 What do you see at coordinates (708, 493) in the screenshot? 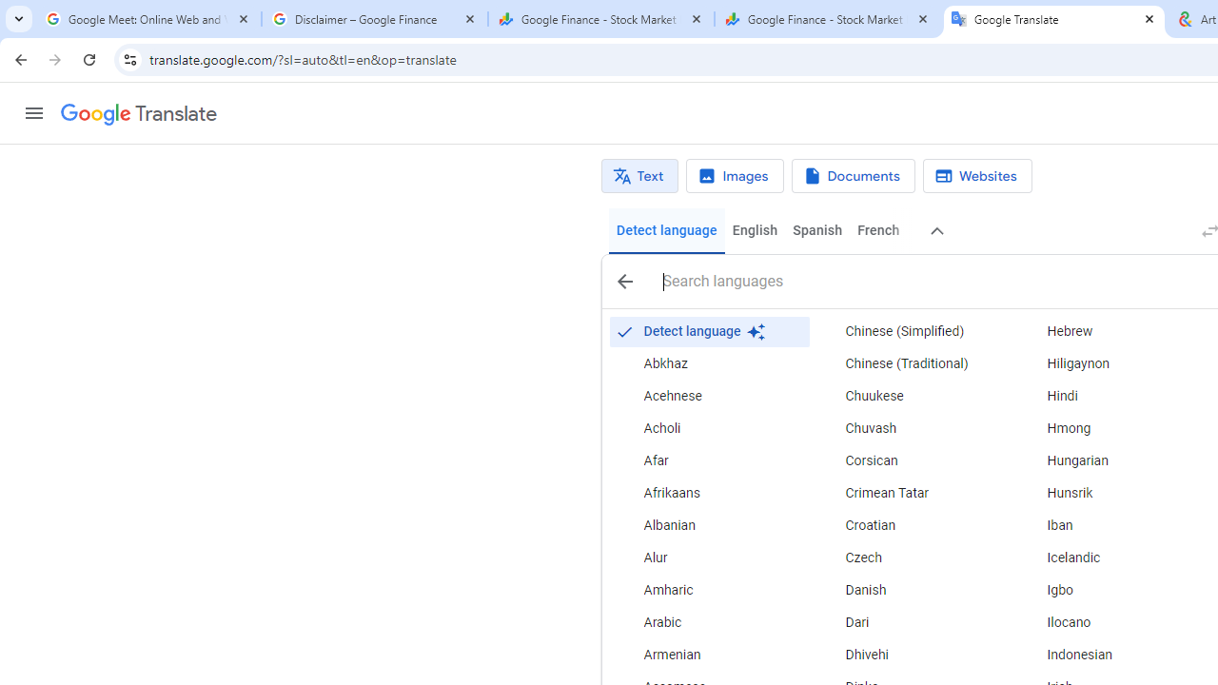
I see `'Afrikaans'` at bounding box center [708, 493].